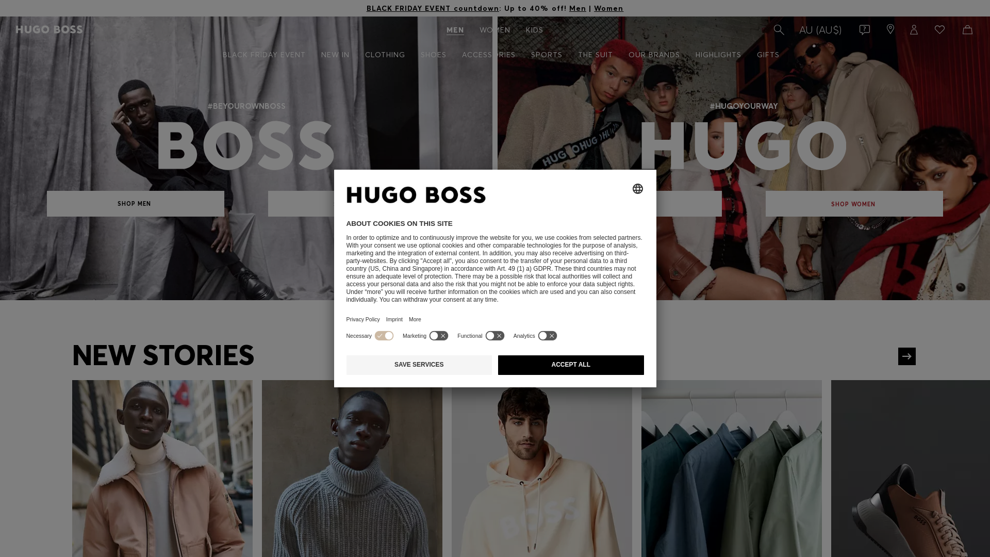 This screenshot has height=557, width=990. I want to click on 'Need assistance?', so click(862, 29).